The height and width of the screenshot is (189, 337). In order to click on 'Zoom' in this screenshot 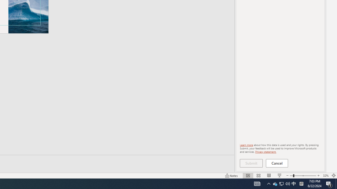, I will do `click(303, 176)`.